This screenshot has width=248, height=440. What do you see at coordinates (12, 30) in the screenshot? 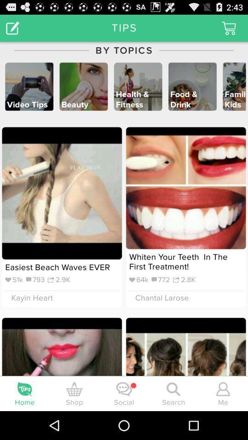
I see `the edit icon` at bounding box center [12, 30].